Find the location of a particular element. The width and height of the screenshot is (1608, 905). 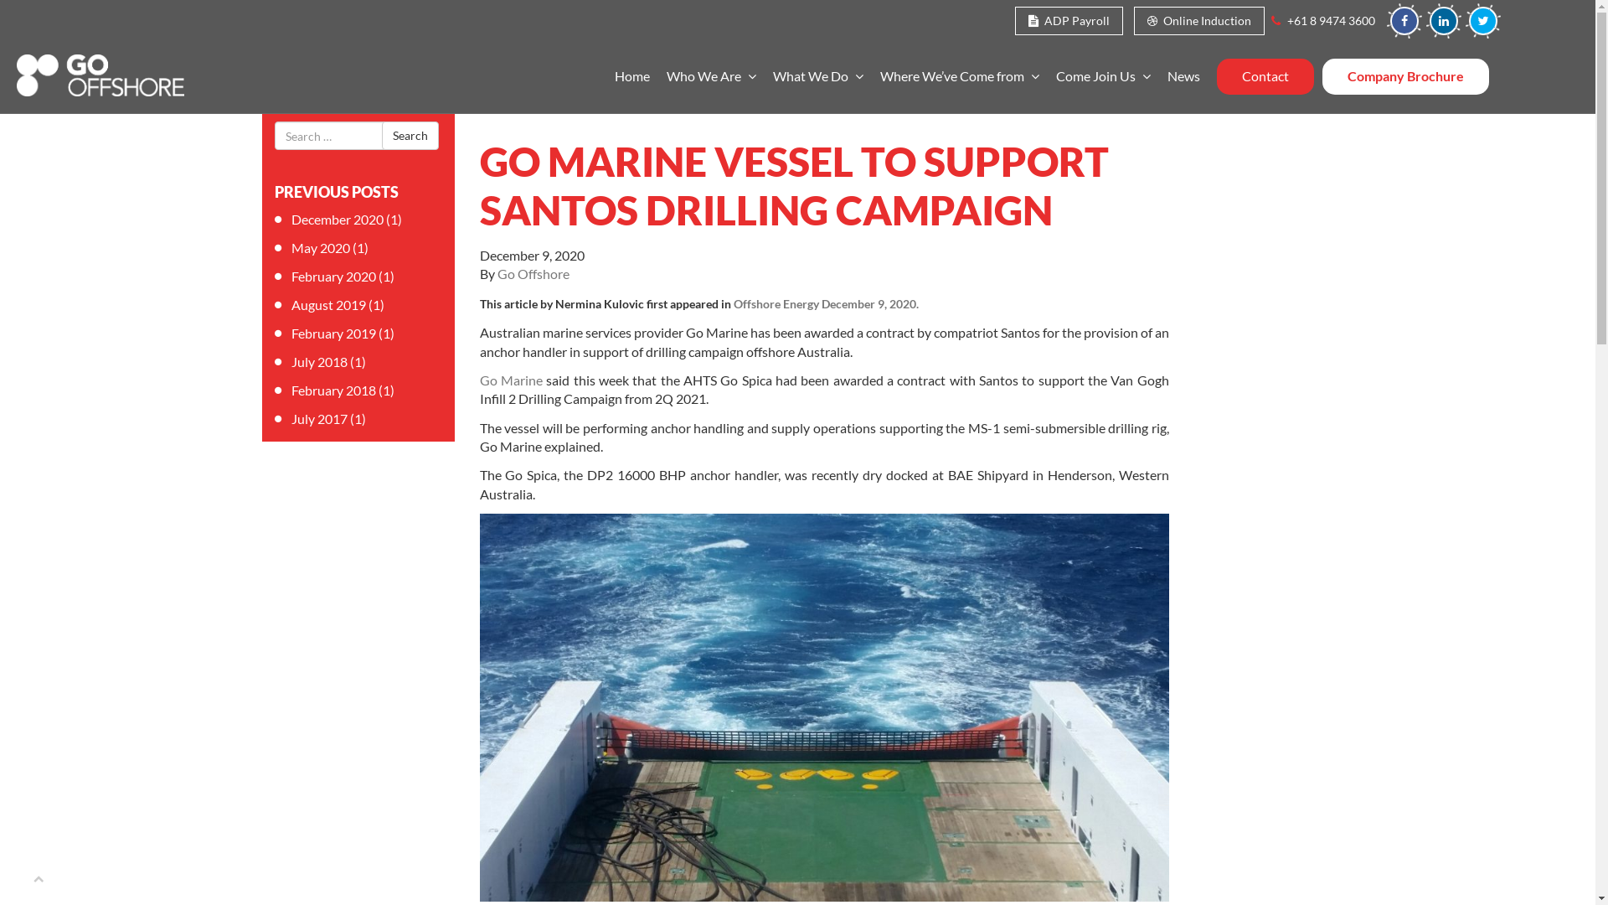

'Who We Are' is located at coordinates (711, 77).